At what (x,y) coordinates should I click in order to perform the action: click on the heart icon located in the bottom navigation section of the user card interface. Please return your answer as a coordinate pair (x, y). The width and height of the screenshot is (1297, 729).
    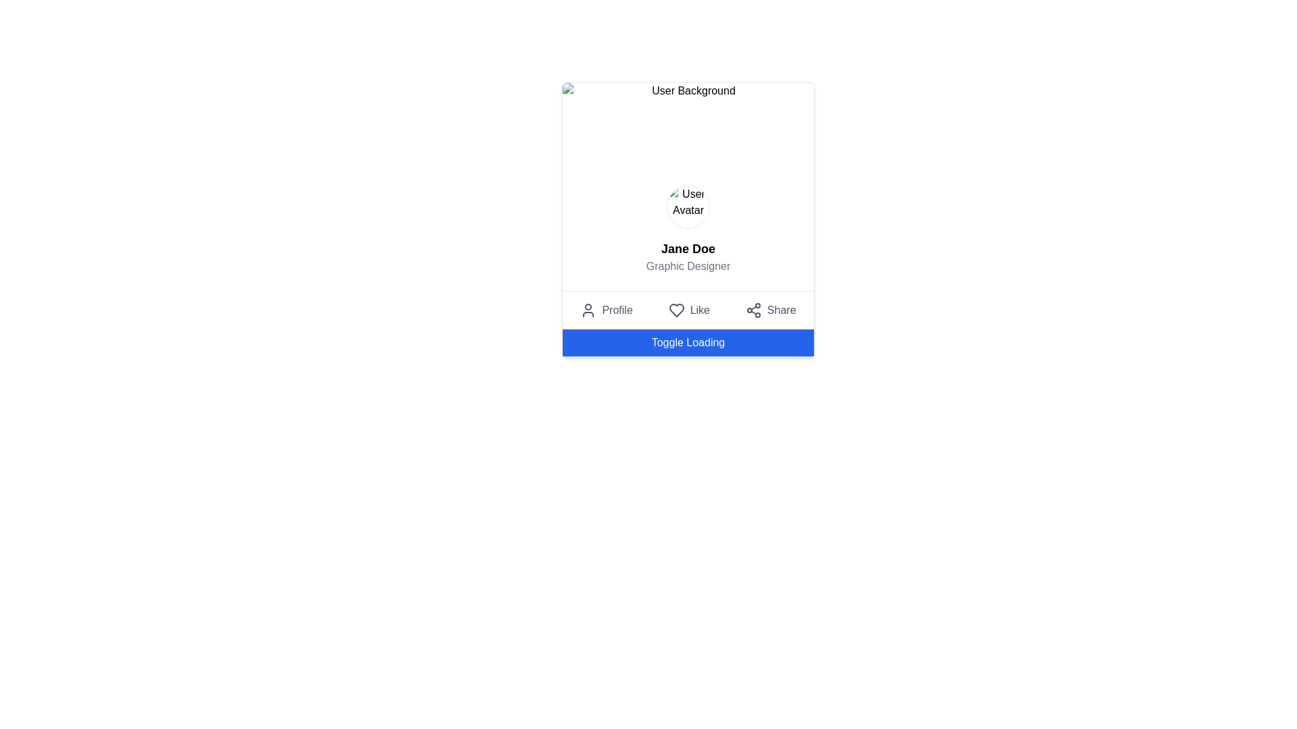
    Looking at the image, I should click on (676, 310).